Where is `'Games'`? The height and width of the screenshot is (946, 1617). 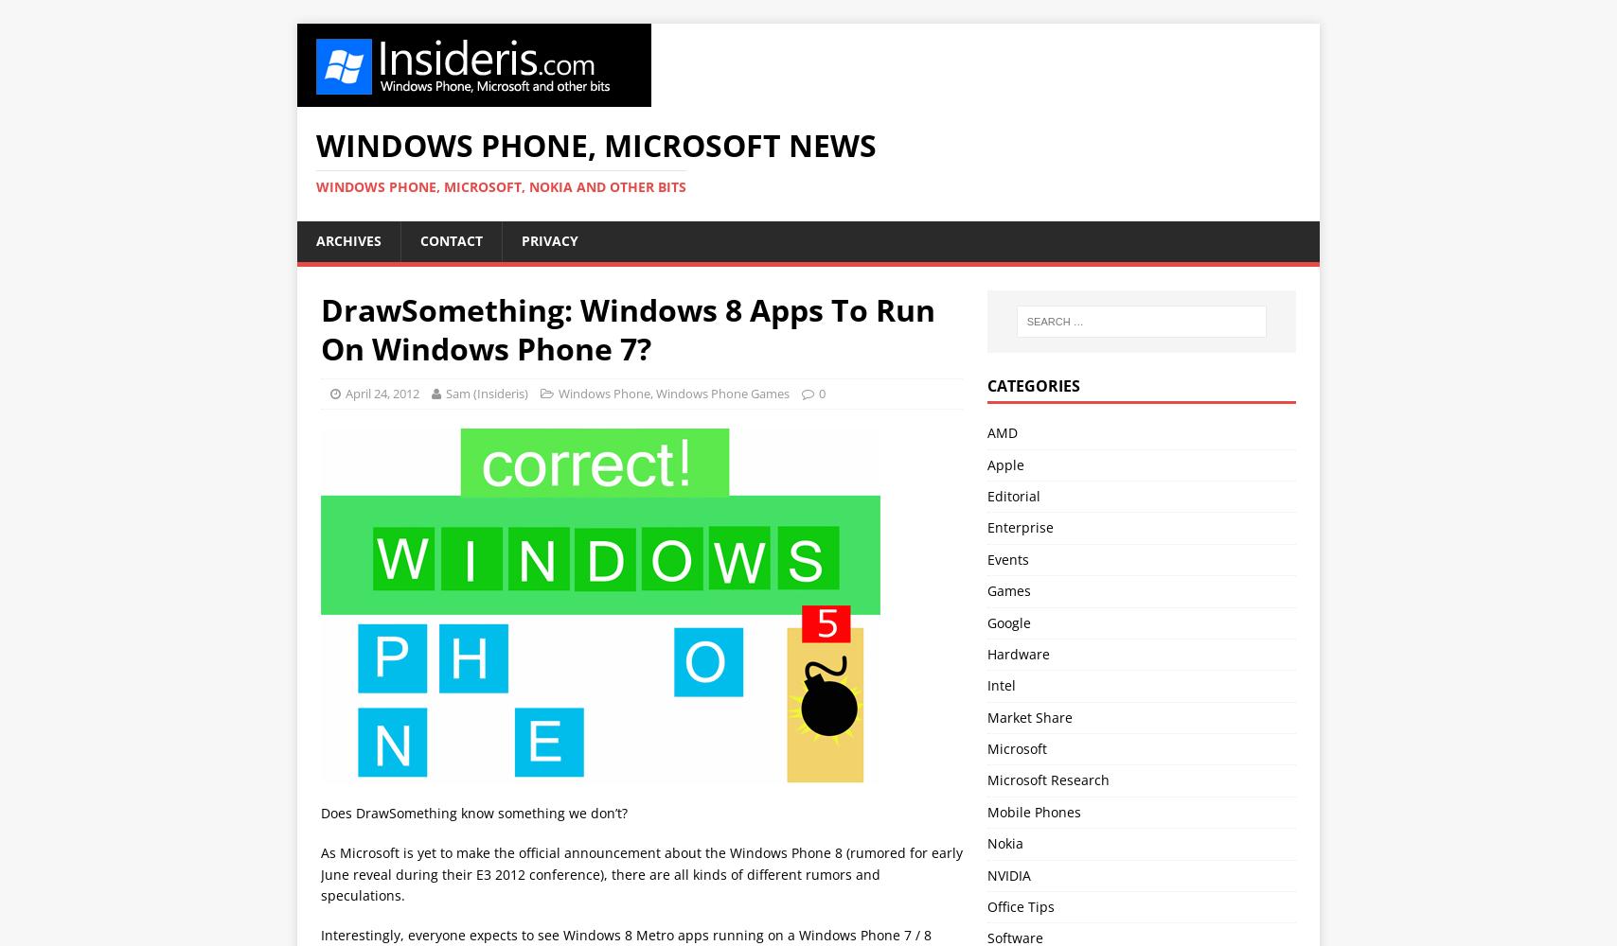
'Games' is located at coordinates (1007, 589).